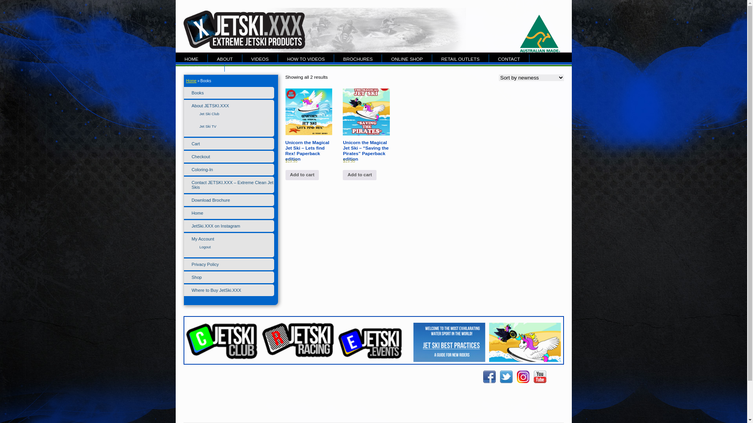 Image resolution: width=753 pixels, height=423 pixels. What do you see at coordinates (297, 339) in the screenshot?
I see `'Jet Ski Racing'` at bounding box center [297, 339].